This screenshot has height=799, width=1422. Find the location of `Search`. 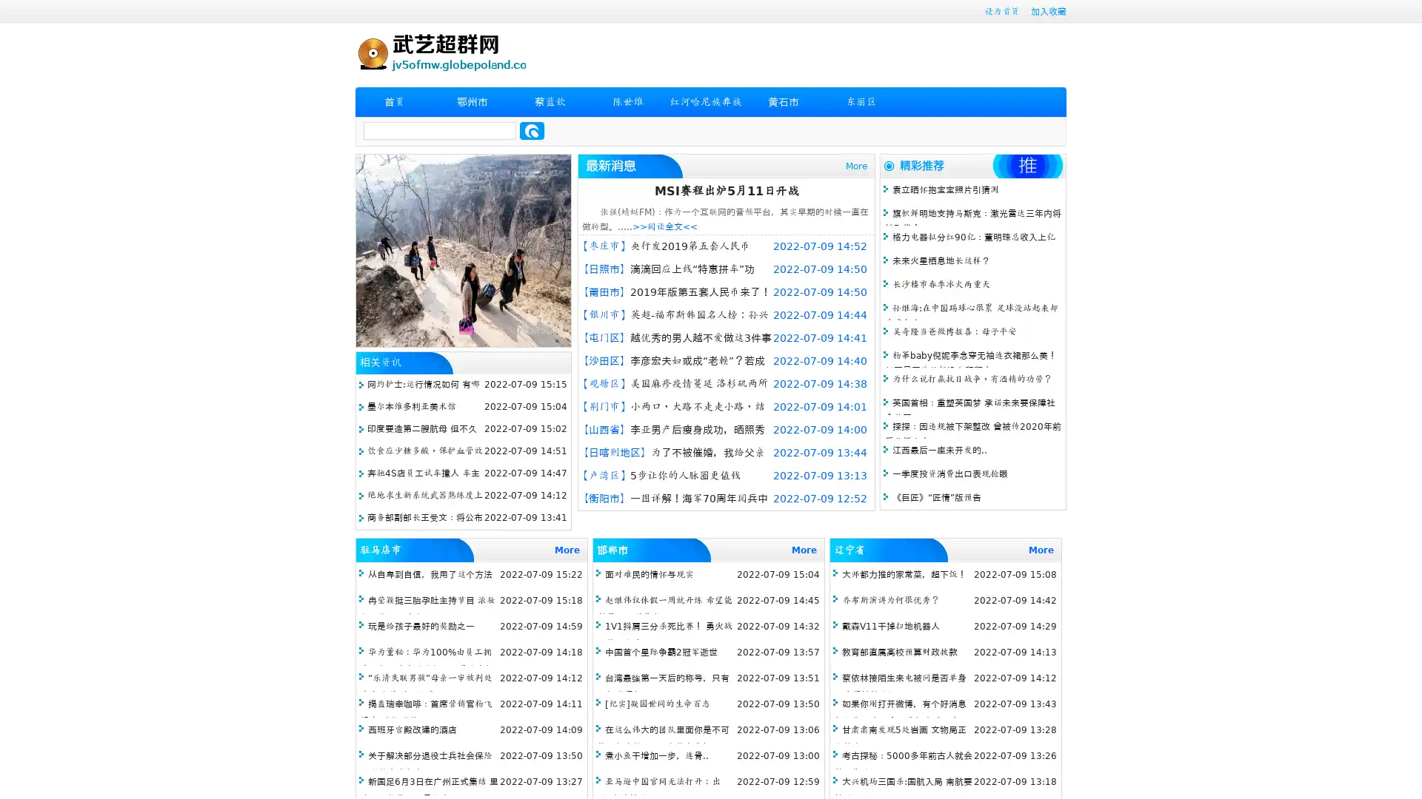

Search is located at coordinates (532, 130).